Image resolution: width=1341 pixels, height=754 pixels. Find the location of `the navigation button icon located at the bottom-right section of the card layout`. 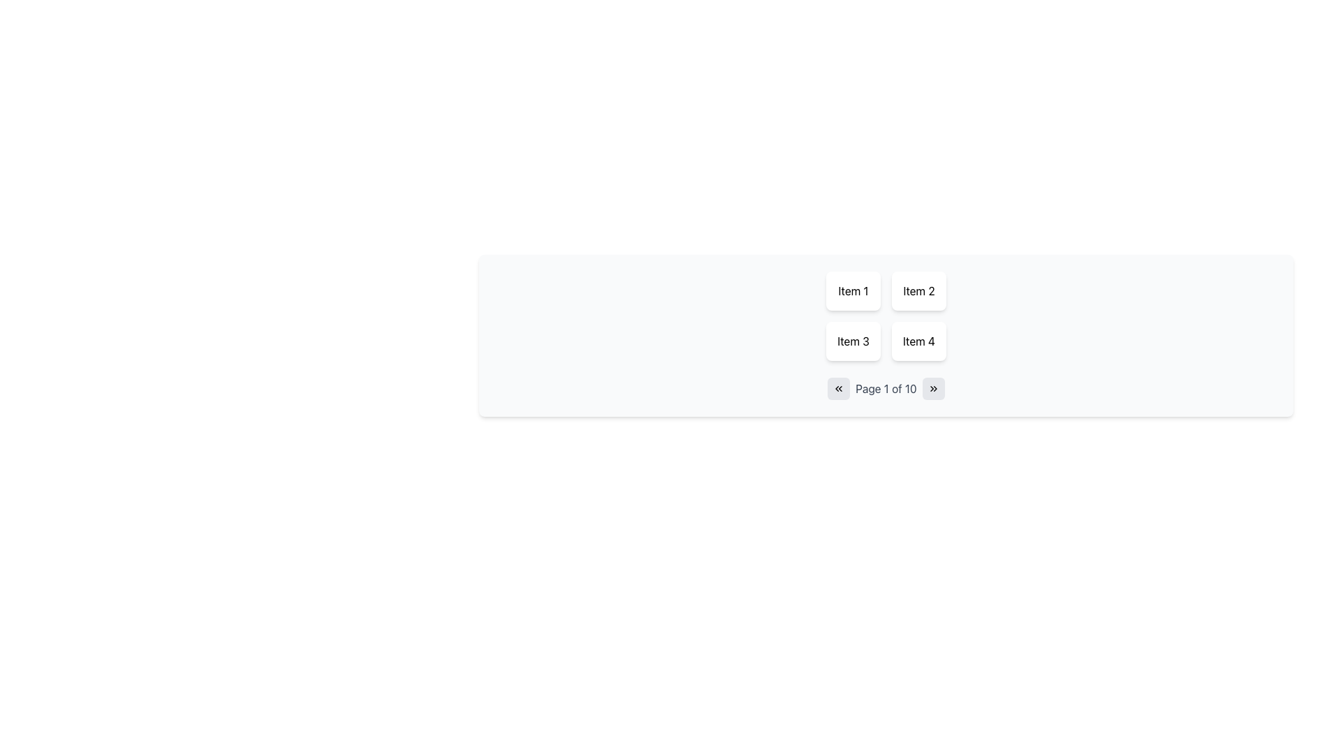

the navigation button icon located at the bottom-right section of the card layout is located at coordinates (933, 388).